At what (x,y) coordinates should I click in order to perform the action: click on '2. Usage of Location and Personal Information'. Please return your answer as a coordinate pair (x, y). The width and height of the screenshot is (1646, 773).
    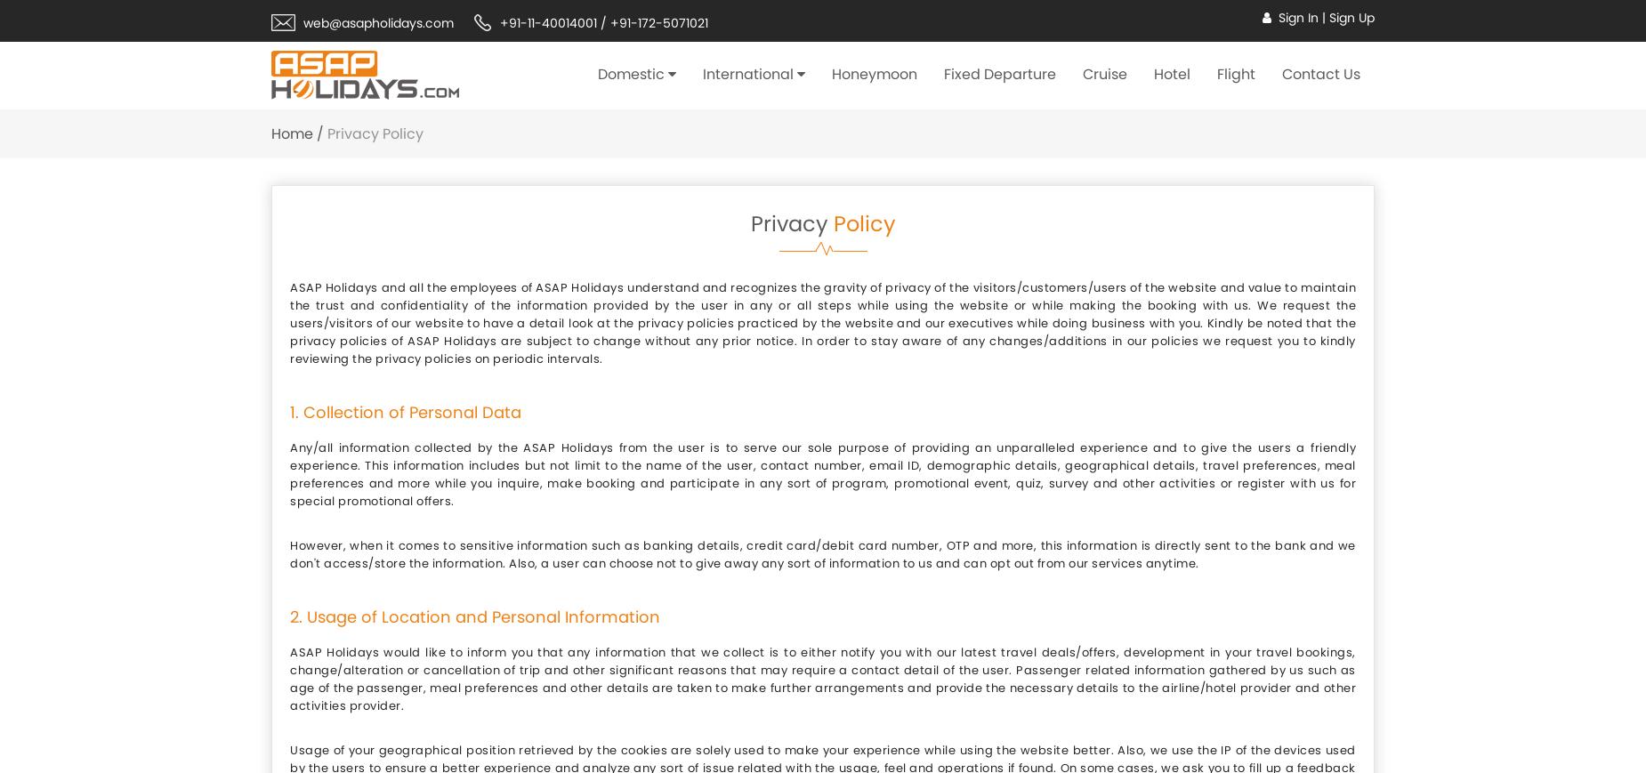
    Looking at the image, I should click on (474, 616).